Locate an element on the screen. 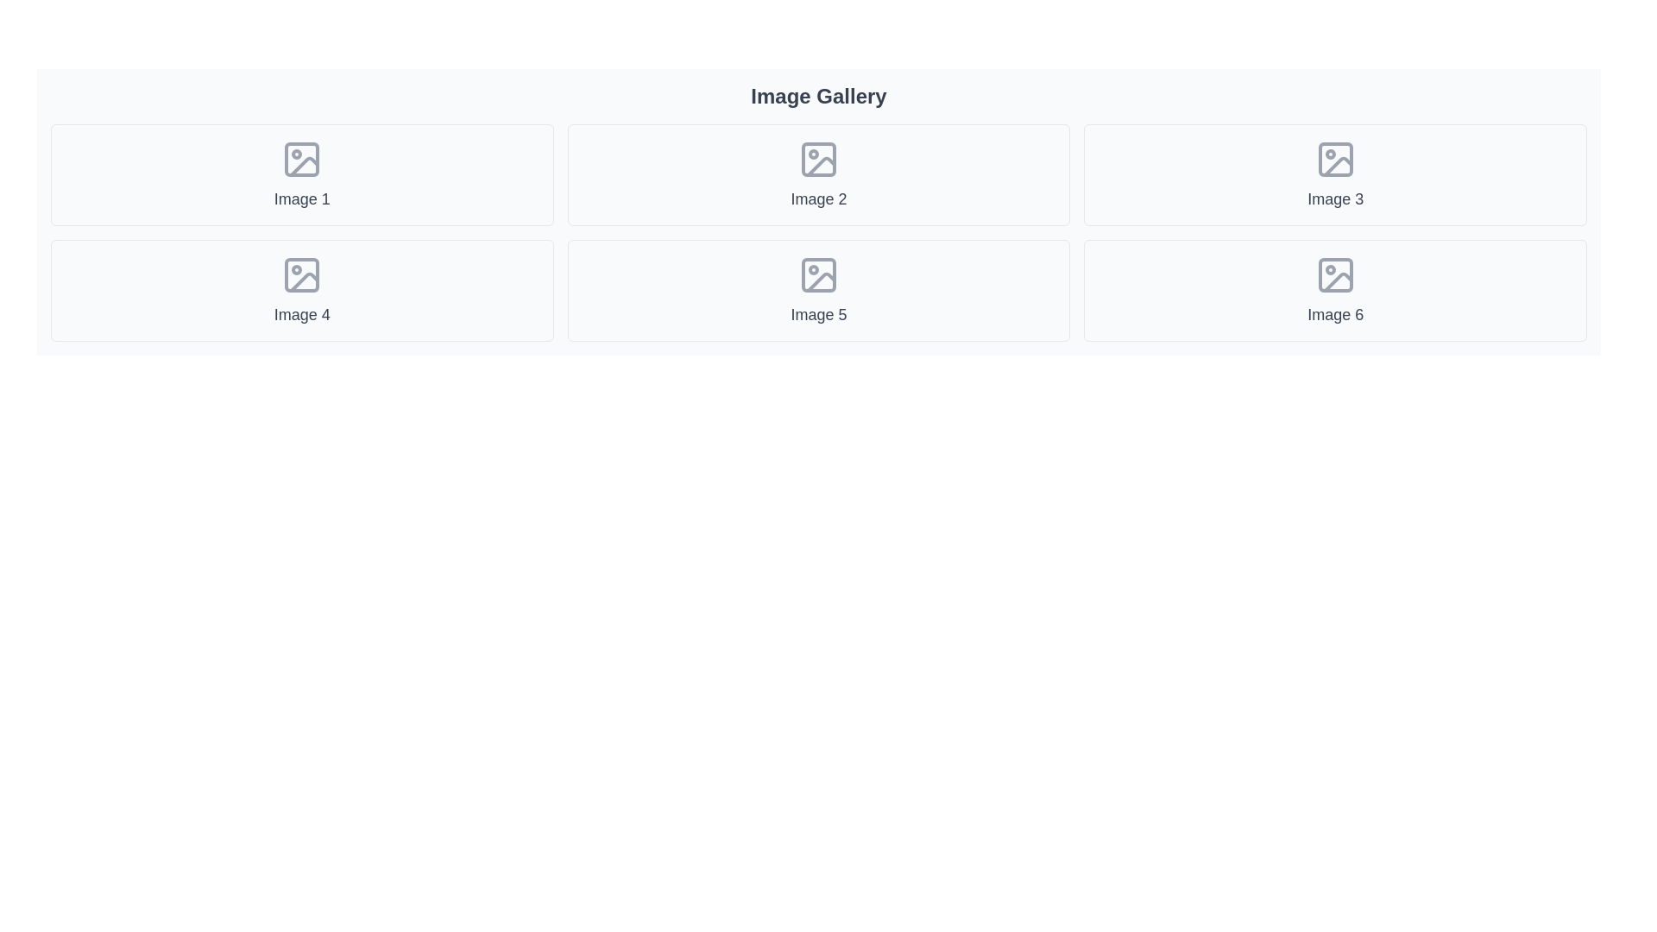 This screenshot has height=932, width=1657. the text and icon grouping labeled 'Image 3' within the bordered, rounded rectangular box is located at coordinates (1334, 175).